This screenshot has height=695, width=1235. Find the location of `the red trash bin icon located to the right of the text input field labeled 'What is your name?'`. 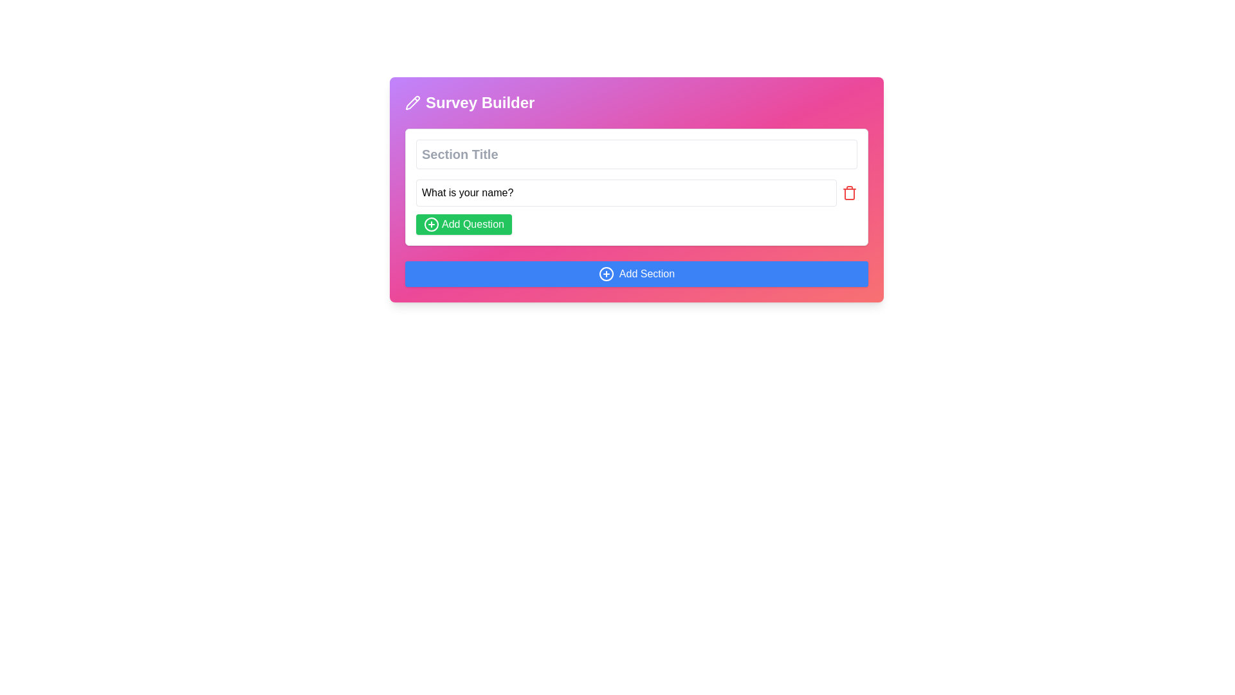

the red trash bin icon located to the right of the text input field labeled 'What is your name?' is located at coordinates (849, 193).